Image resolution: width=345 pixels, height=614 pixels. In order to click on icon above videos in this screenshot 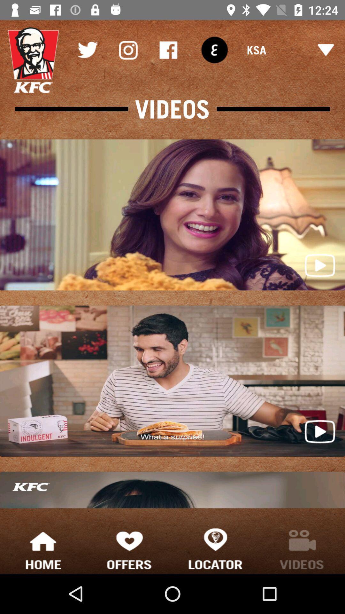, I will do `click(128, 50)`.